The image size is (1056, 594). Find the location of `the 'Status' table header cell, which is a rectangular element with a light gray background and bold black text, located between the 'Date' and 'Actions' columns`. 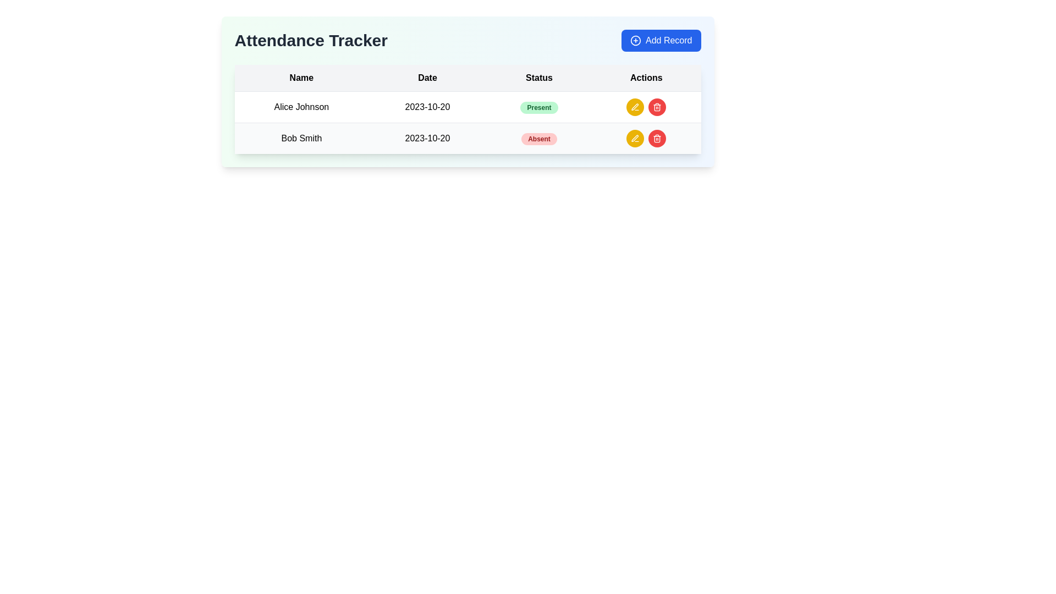

the 'Status' table header cell, which is a rectangular element with a light gray background and bold black text, located between the 'Date' and 'Actions' columns is located at coordinates (539, 78).